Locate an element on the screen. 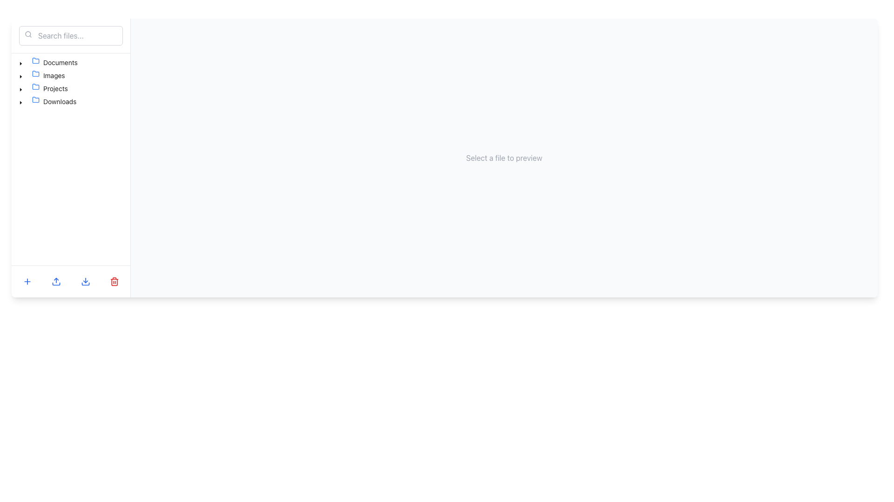 The image size is (894, 502). the folder icon representing the 'Downloads' folder located near the bottom of the list on the left panel, adjacent to the 'Downloads' text label is located at coordinates (37, 102).